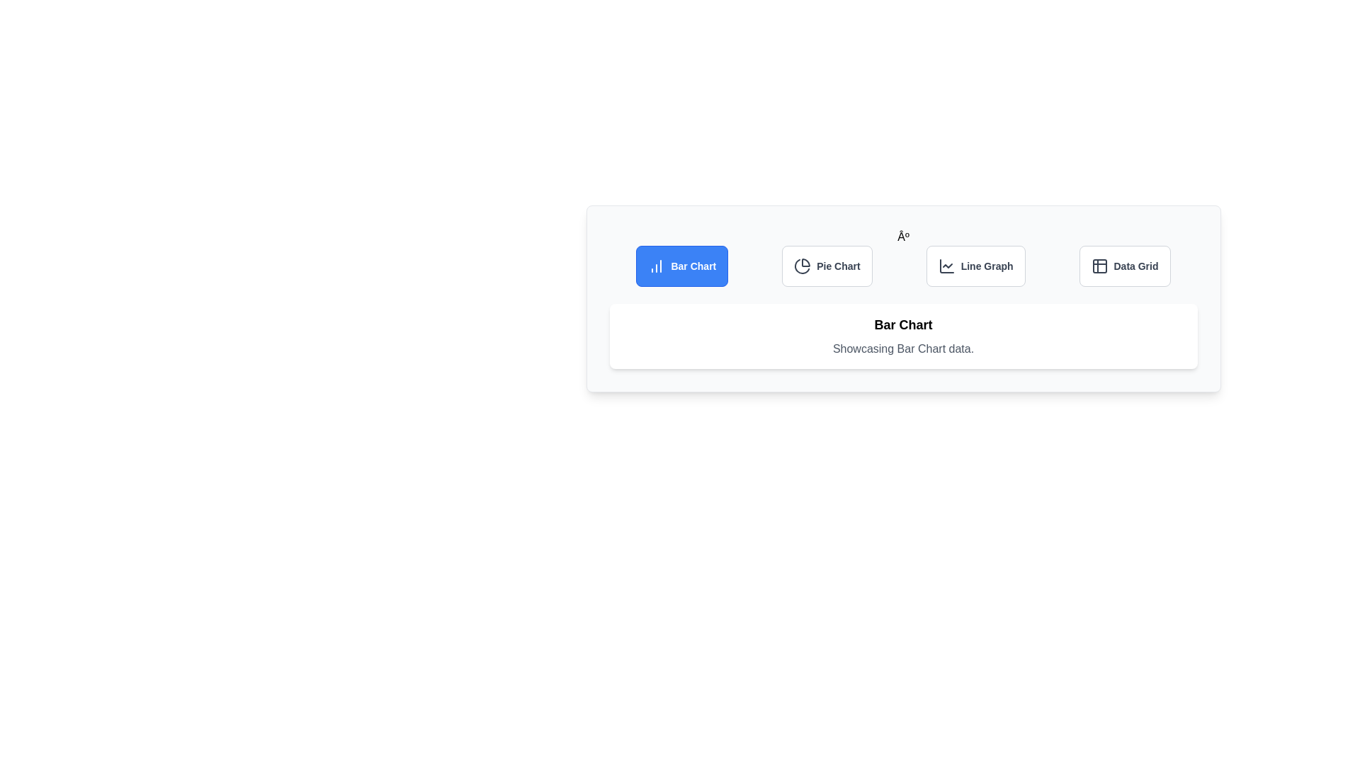 This screenshot has height=765, width=1360. Describe the element at coordinates (682, 266) in the screenshot. I see `the Bar Chart tab to view its data visualization` at that location.